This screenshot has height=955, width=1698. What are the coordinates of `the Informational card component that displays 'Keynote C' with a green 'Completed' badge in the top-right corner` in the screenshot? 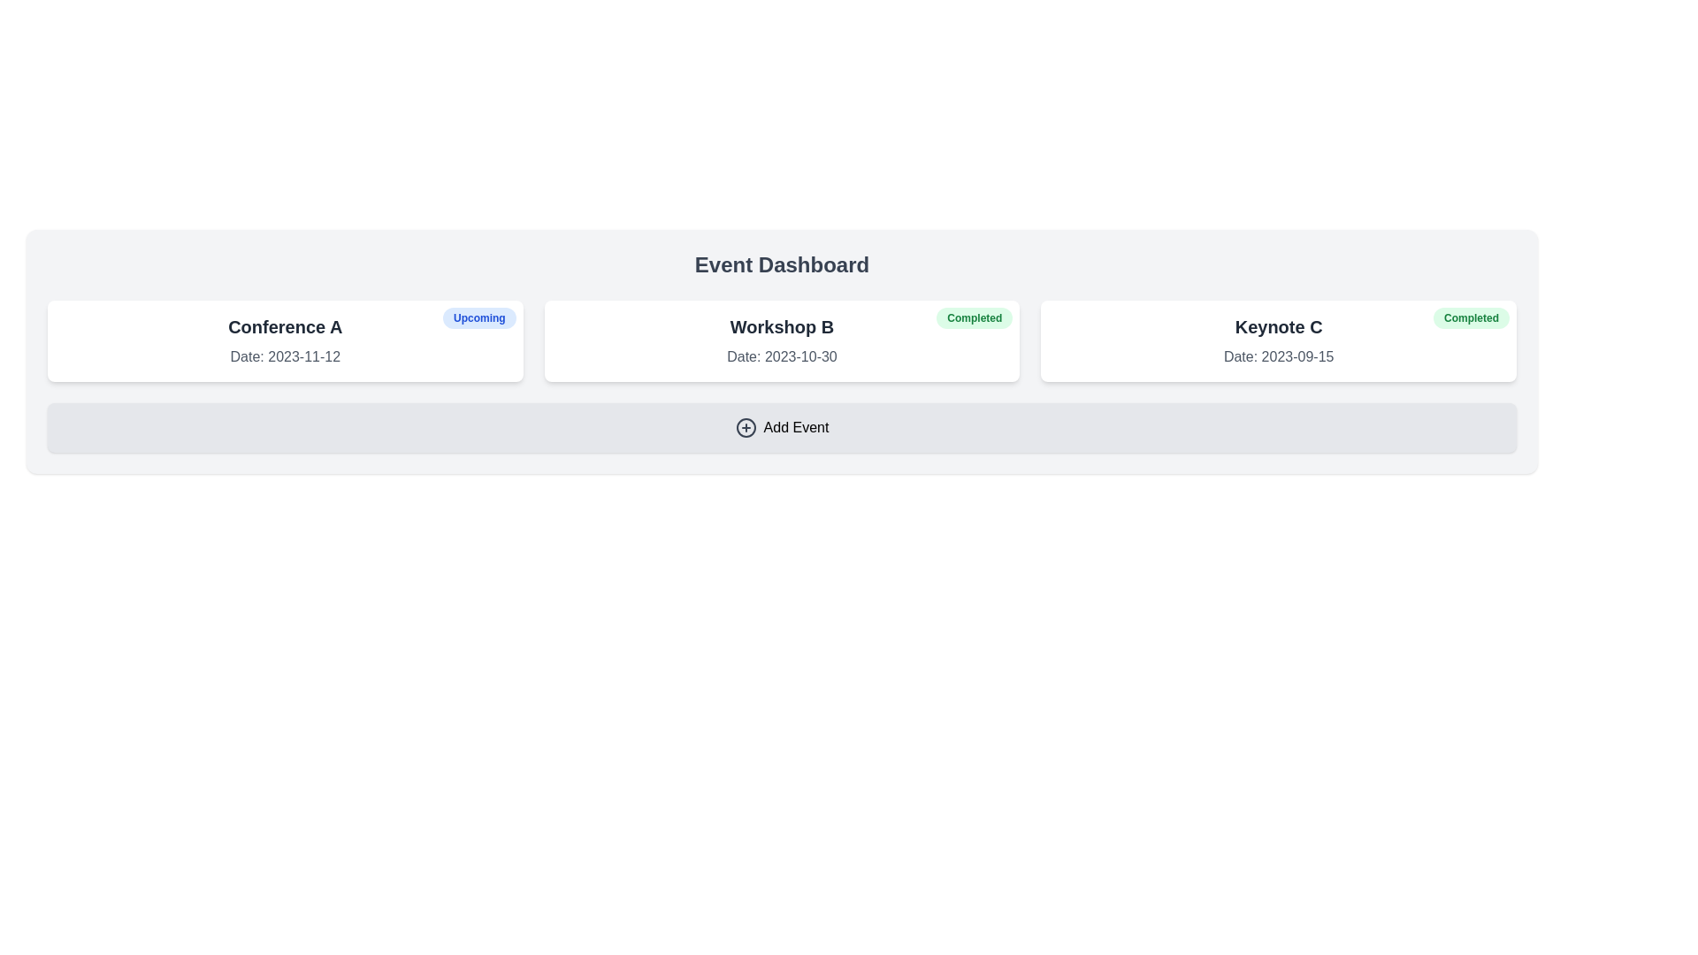 It's located at (1279, 340).